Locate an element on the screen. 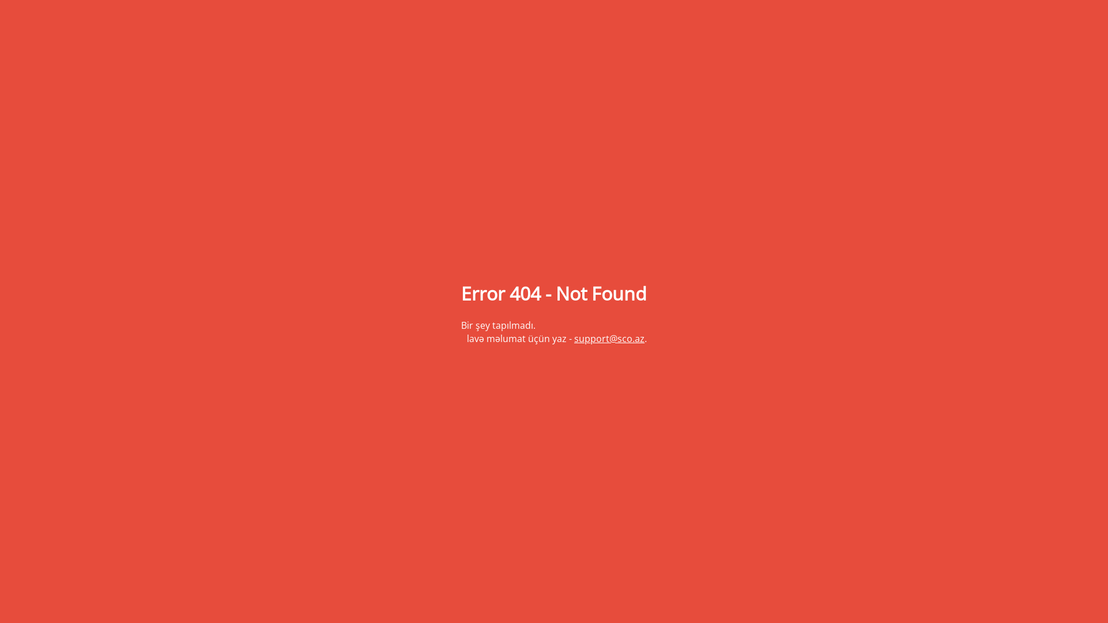  'support@sco.az' is located at coordinates (609, 337).